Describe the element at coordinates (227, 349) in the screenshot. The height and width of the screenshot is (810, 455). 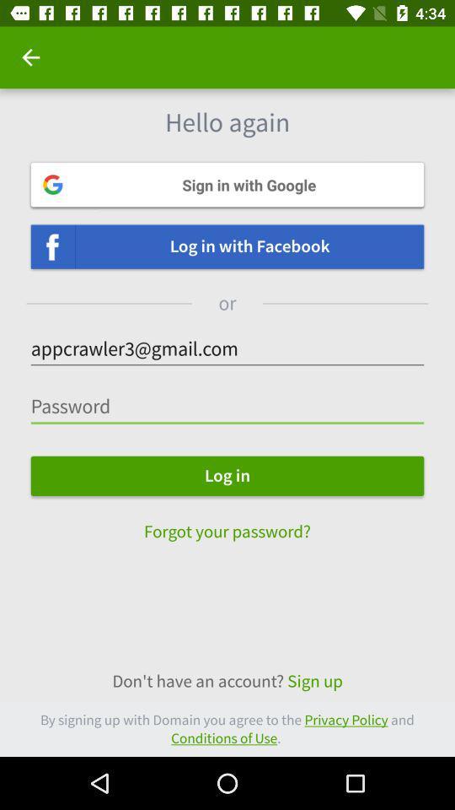
I see `the text which is below or` at that location.